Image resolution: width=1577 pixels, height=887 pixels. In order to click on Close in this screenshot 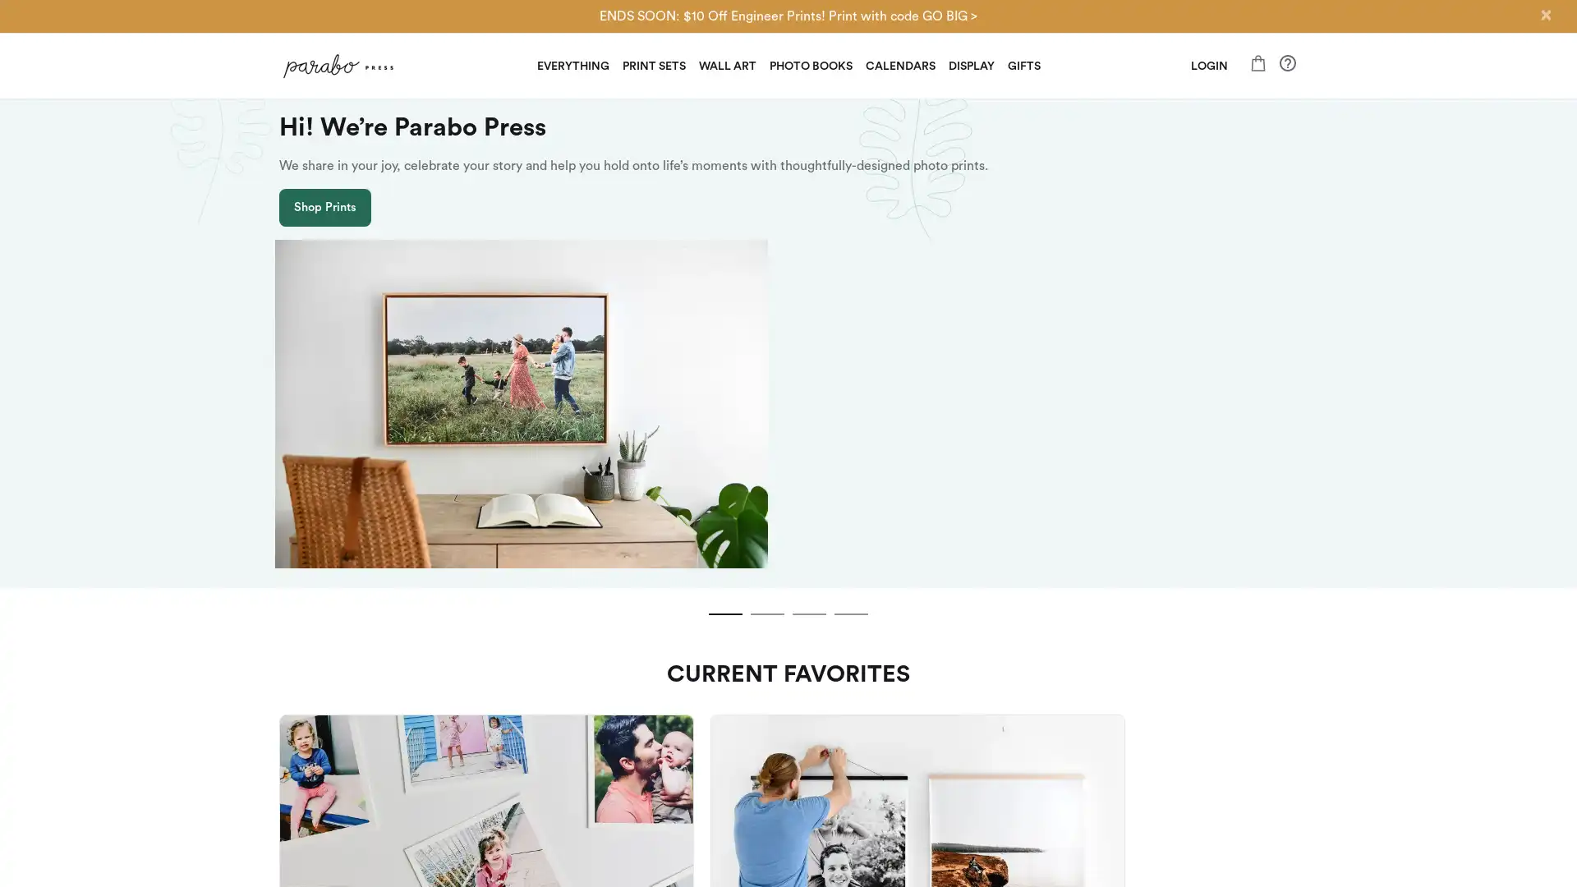, I will do `click(1544, 15)`.